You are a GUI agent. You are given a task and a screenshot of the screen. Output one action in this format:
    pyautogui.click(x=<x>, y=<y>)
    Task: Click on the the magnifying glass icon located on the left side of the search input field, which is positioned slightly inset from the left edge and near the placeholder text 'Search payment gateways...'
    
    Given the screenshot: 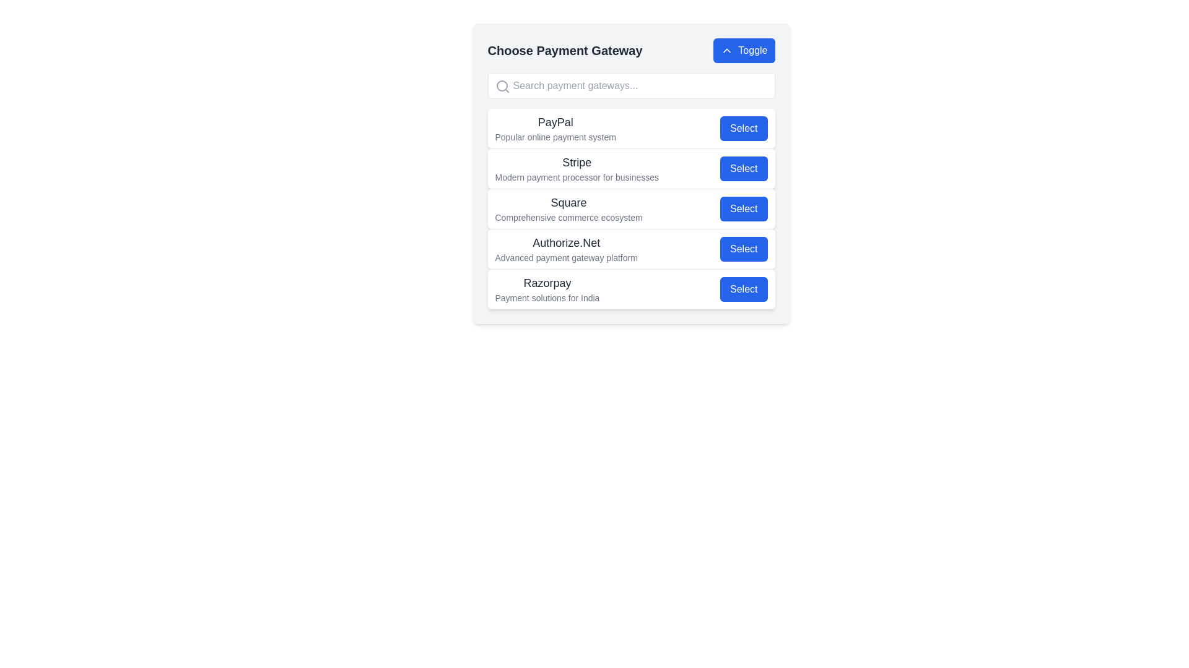 What is the action you would take?
    pyautogui.click(x=502, y=85)
    